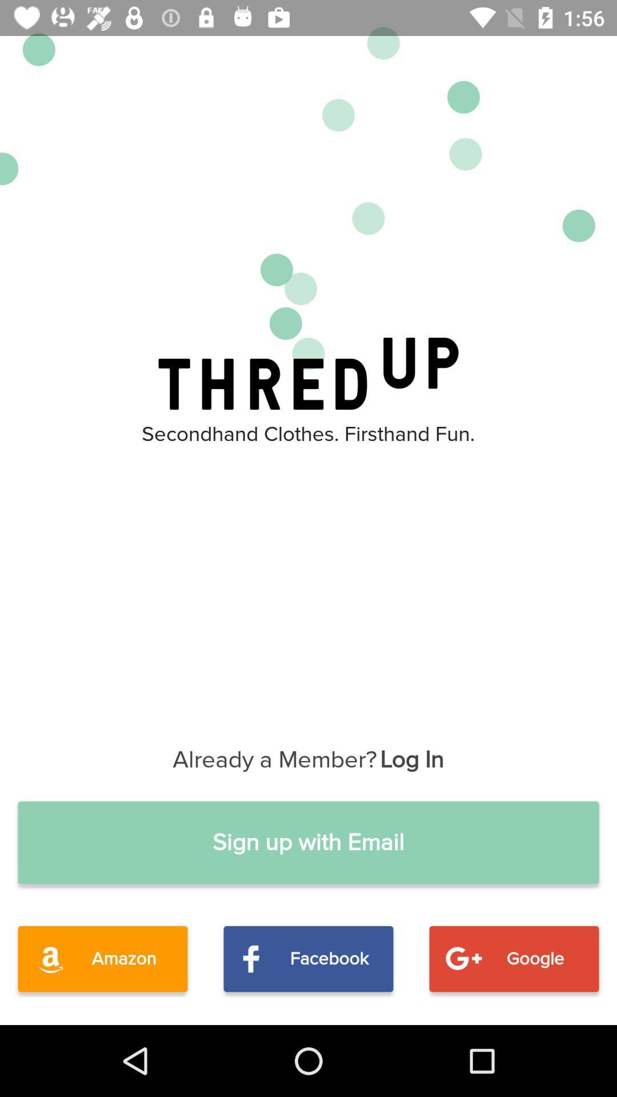 This screenshot has width=617, height=1097. Describe the element at coordinates (308, 959) in the screenshot. I see `item next to amazon icon` at that location.